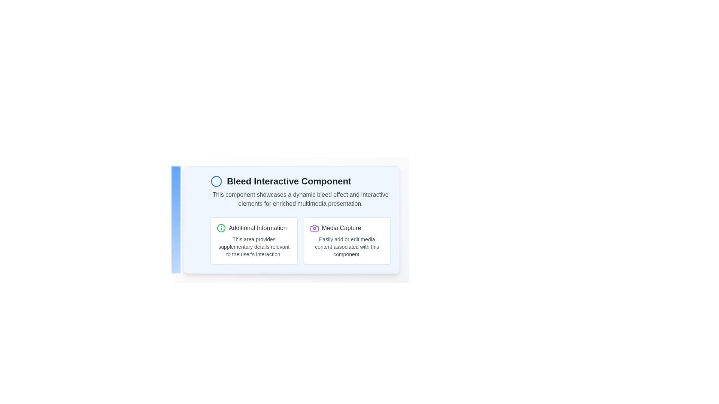 This screenshot has width=719, height=404. What do you see at coordinates (216, 181) in the screenshot?
I see `the circular icon with a clear blue outline next to the text 'Bleed Interactive Component'` at bounding box center [216, 181].